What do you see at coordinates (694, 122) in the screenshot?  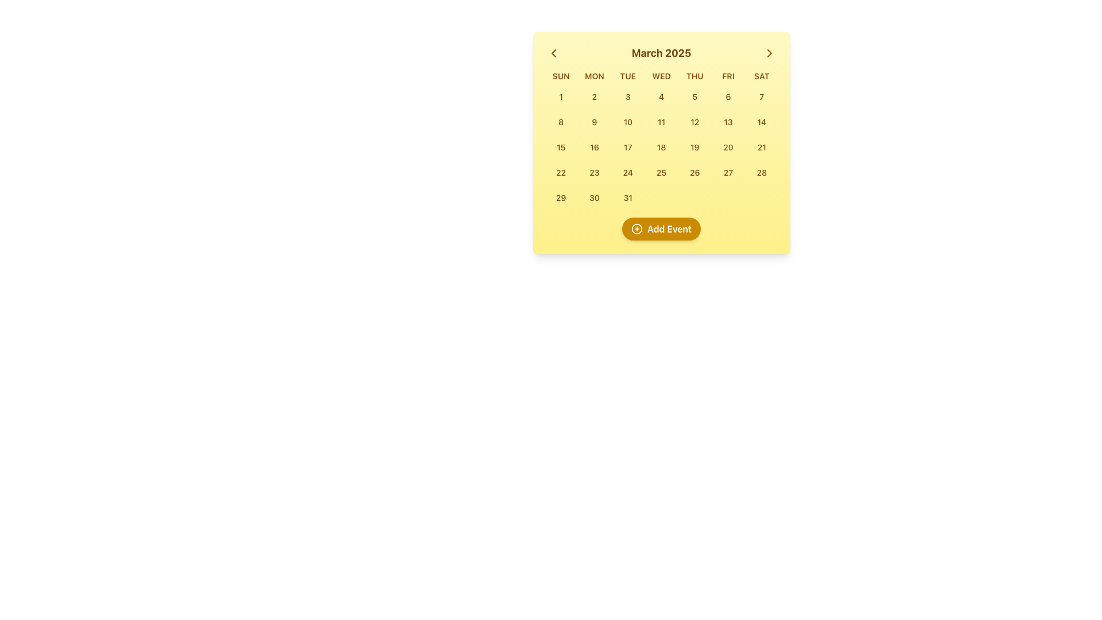 I see `the text element displaying the numerical date '12' in the calendar grid` at bounding box center [694, 122].